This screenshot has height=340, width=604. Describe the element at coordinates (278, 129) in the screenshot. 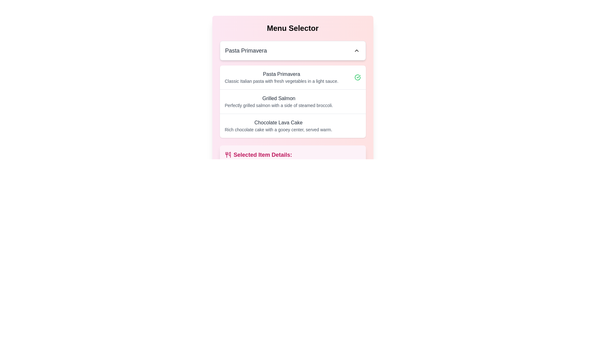

I see `the Text Display for 'Chocolate Lava Cake' to possibly trigger additional information` at that location.